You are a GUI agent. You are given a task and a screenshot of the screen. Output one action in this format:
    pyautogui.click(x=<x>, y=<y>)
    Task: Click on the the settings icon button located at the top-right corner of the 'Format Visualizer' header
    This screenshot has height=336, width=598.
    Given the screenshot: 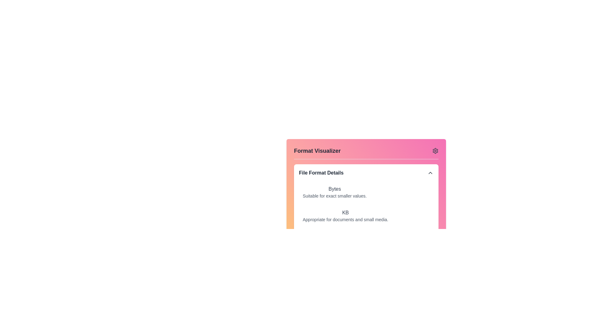 What is the action you would take?
    pyautogui.click(x=435, y=151)
    